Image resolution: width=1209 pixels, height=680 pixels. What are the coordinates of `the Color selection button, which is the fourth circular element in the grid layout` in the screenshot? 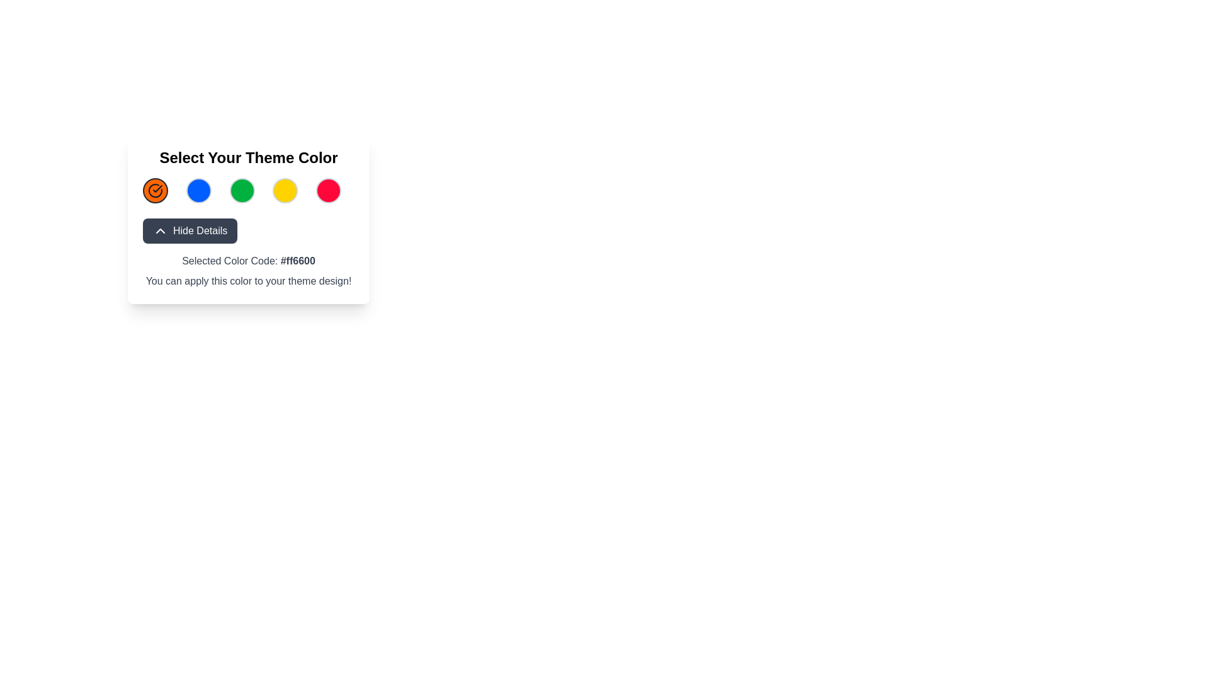 It's located at (285, 191).